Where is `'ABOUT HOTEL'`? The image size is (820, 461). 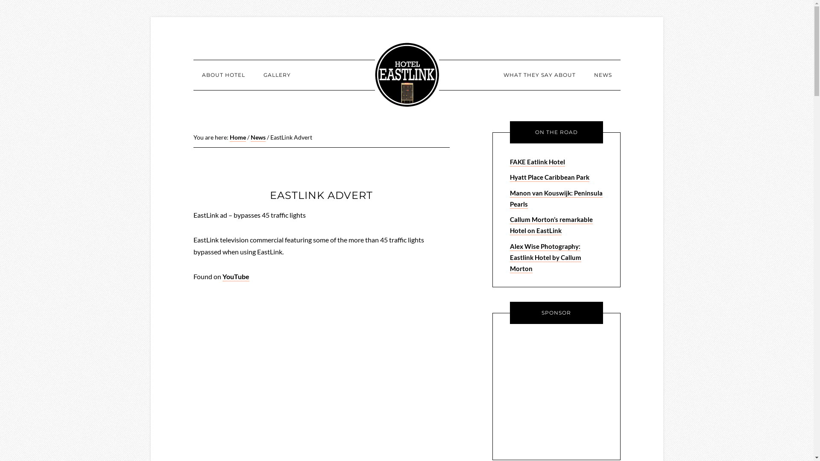 'ABOUT HOTEL' is located at coordinates (223, 75).